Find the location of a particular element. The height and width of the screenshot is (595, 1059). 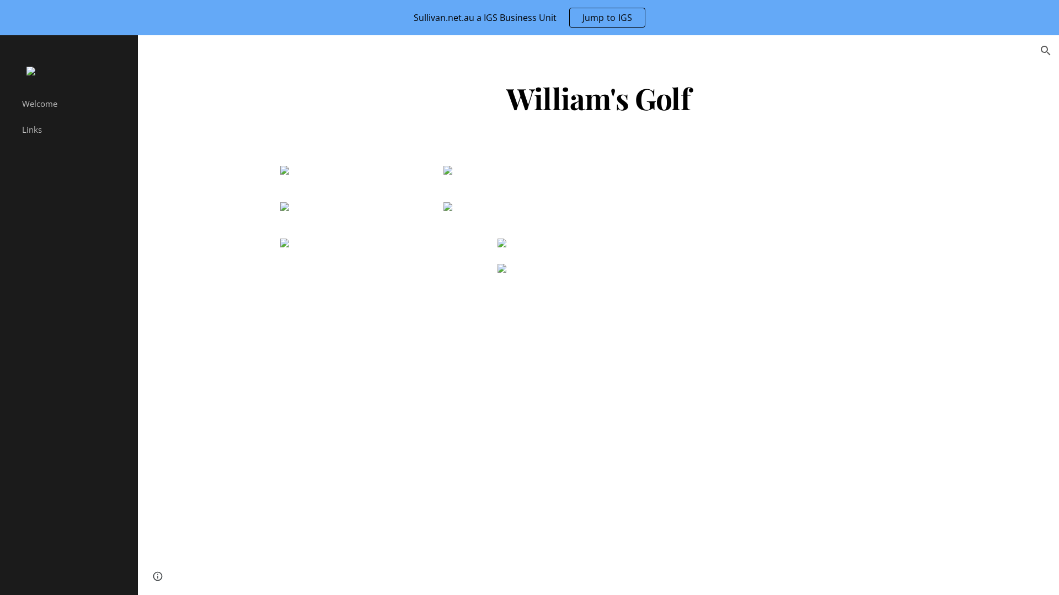

'Jump to IGS' is located at coordinates (607, 17).